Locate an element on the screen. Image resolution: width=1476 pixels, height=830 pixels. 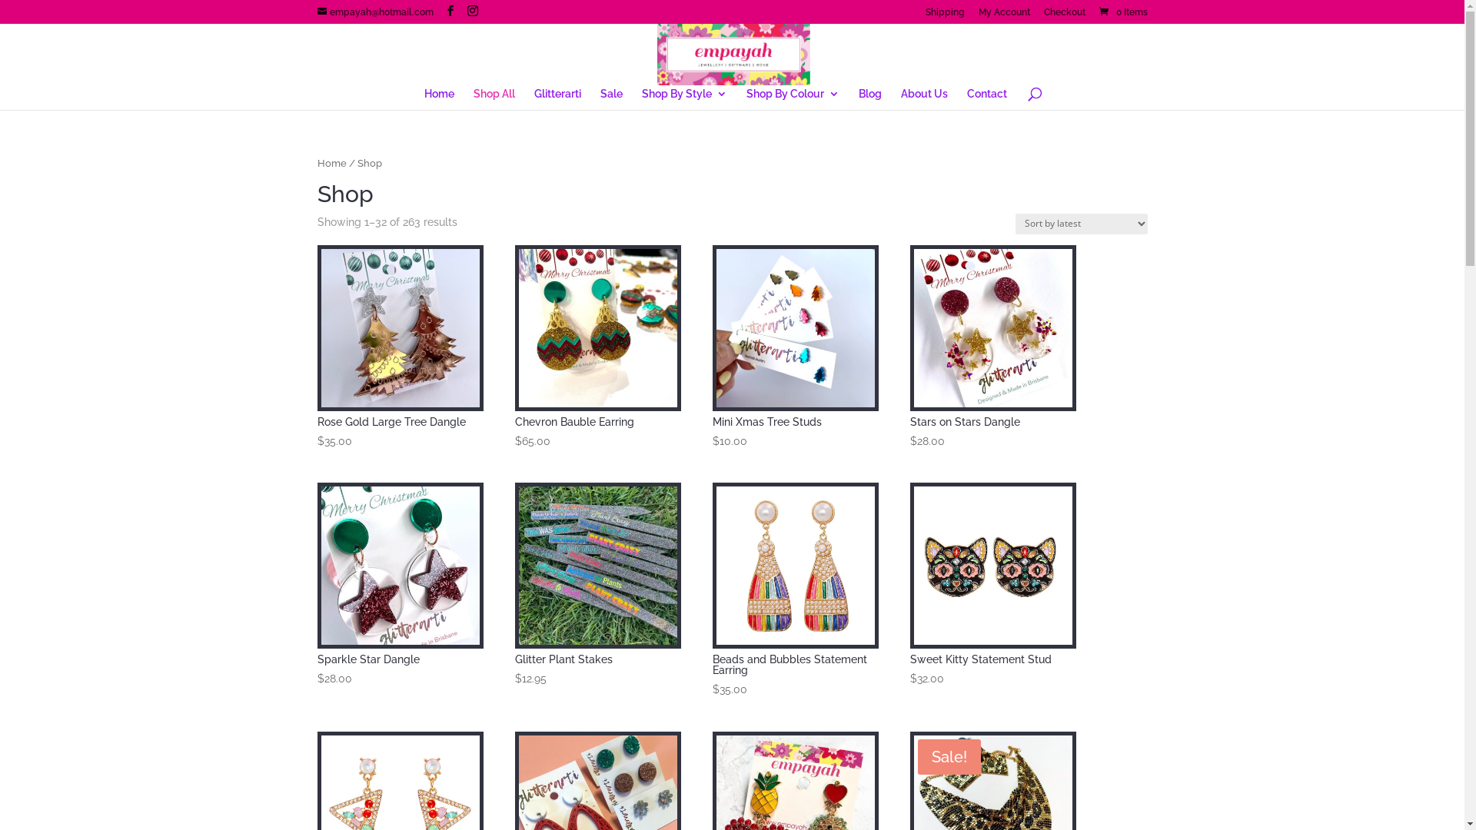
'Shop All' is located at coordinates (494, 98).